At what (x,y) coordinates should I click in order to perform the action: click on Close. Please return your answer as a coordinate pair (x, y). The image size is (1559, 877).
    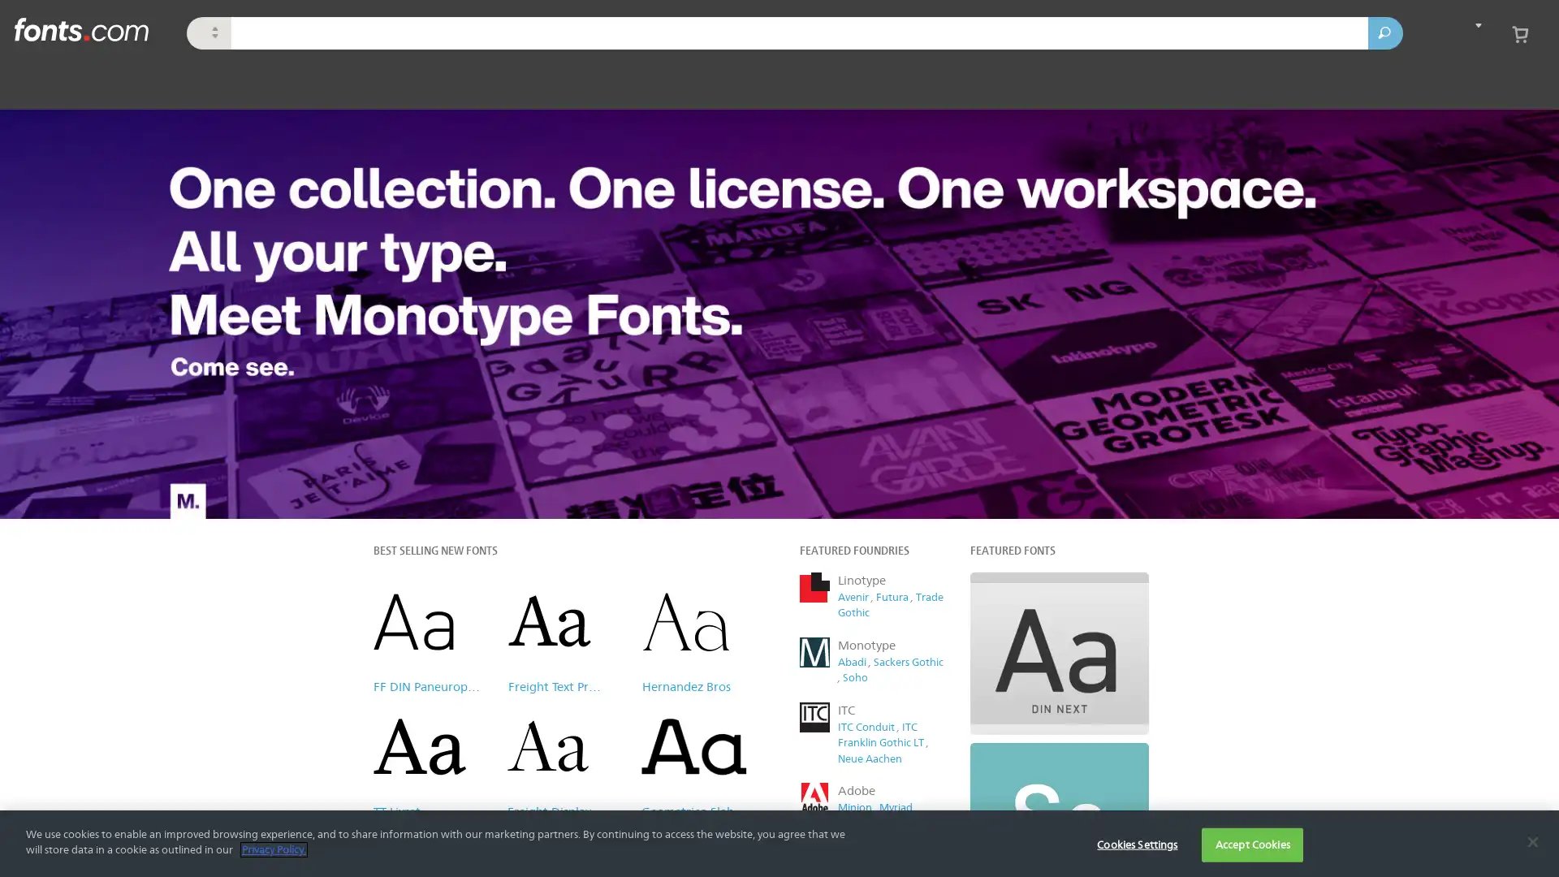
    Looking at the image, I should click on (1084, 117).